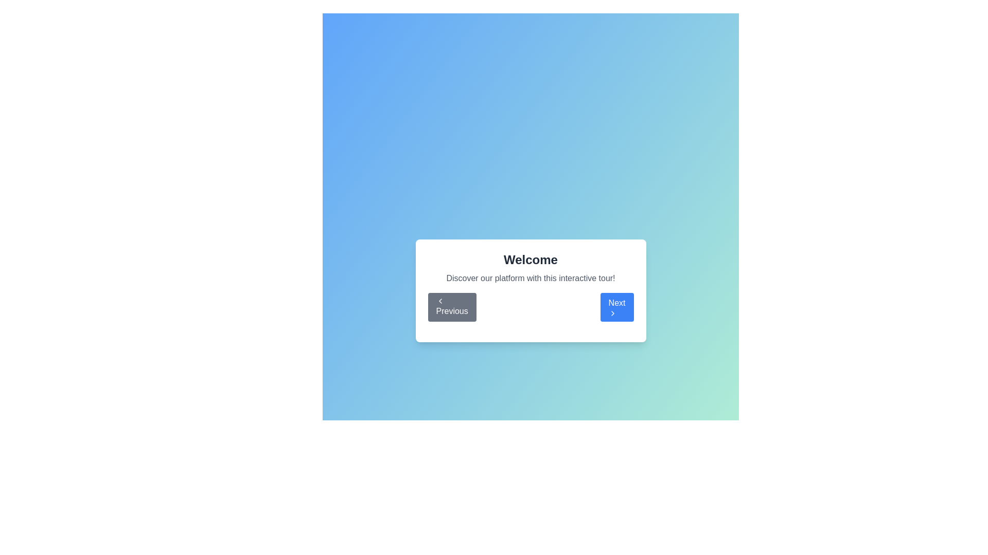 This screenshot has height=555, width=988. What do you see at coordinates (531, 259) in the screenshot?
I see `the Text label that serves as a title or heading for the associated content below it, located at the center of the dialog box` at bounding box center [531, 259].